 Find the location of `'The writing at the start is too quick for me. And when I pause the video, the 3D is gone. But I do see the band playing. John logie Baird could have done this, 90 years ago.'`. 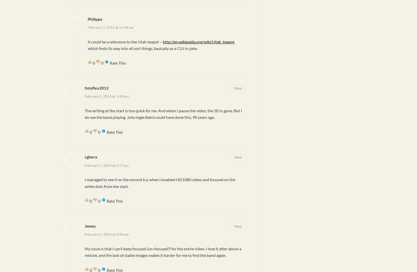

'The writing at the start is too quick for me. And when I pause the video, the 3D is gone. But I do see the band playing. John logie Baird could have done this, 90 years ago.' is located at coordinates (163, 114).